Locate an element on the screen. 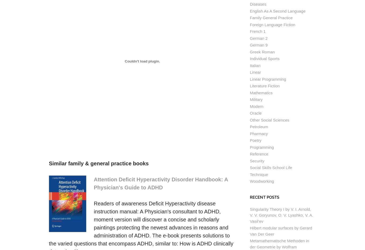  'Mathematics' is located at coordinates (261, 92).